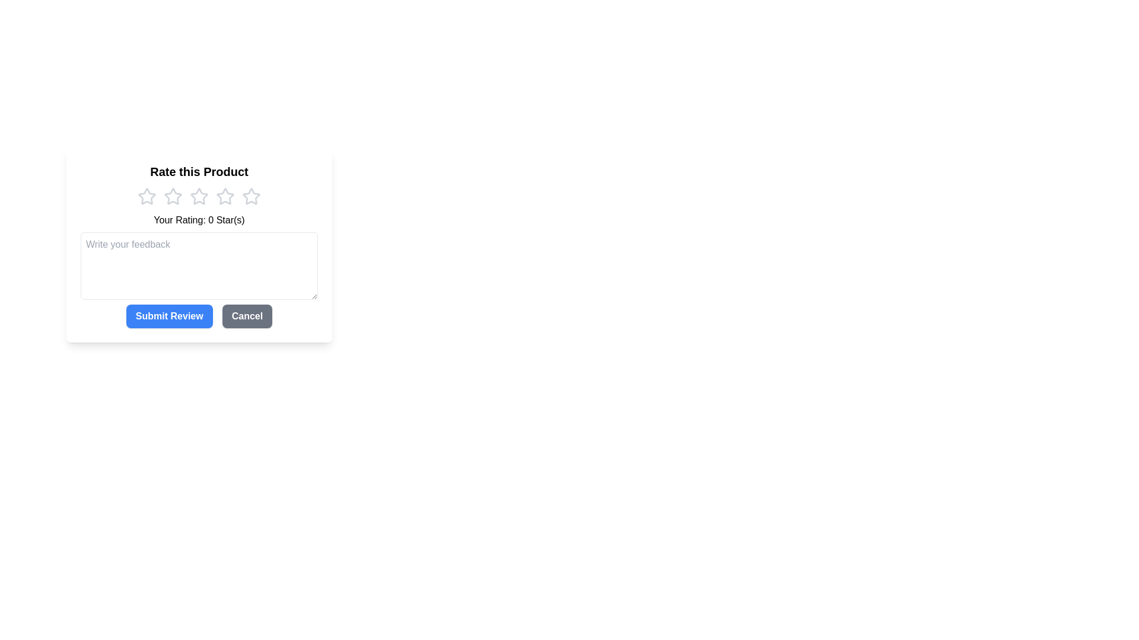 The height and width of the screenshot is (640, 1139). I want to click on the third star icon in the rating control to navigate, so click(225, 196).